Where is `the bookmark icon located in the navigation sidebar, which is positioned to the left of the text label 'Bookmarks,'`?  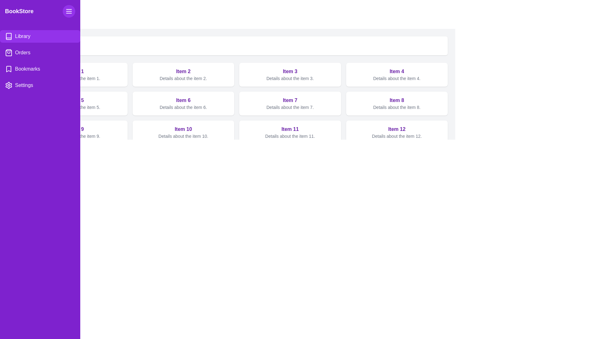
the bookmark icon located in the navigation sidebar, which is positioned to the left of the text label 'Bookmarks,' is located at coordinates (9, 69).